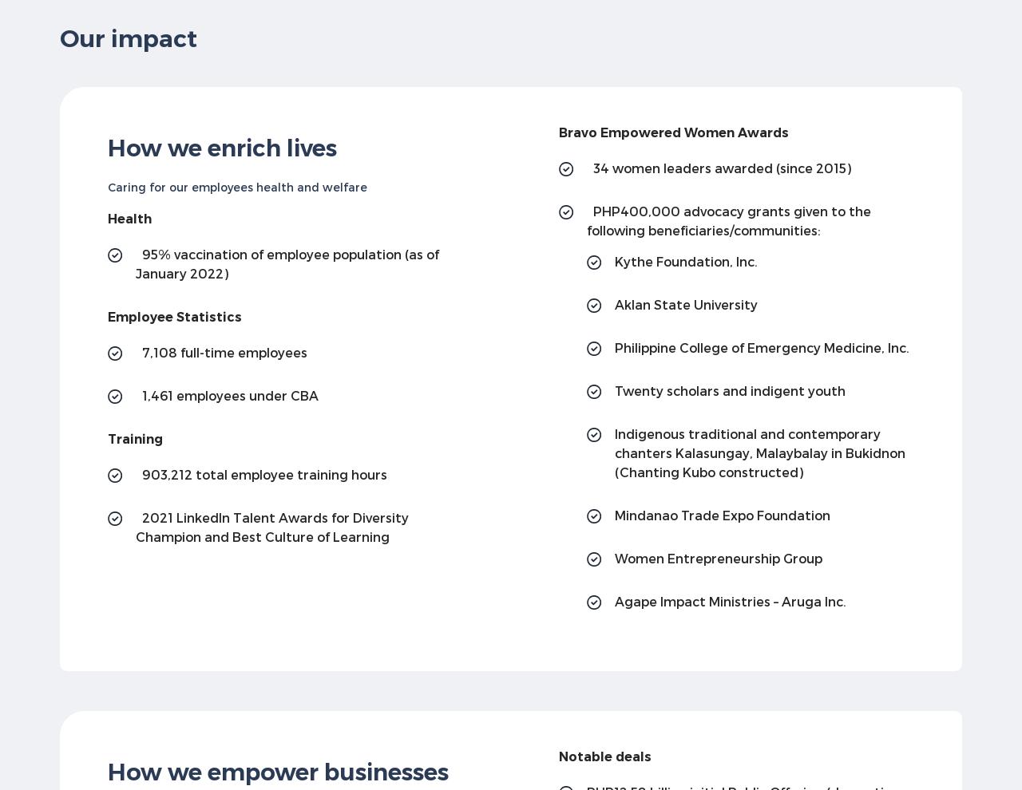  Describe the element at coordinates (271, 526) in the screenshot. I see `'2021 LinkedIn Talent Awards for Diversity Champion and Best Culture of Learning'` at that location.